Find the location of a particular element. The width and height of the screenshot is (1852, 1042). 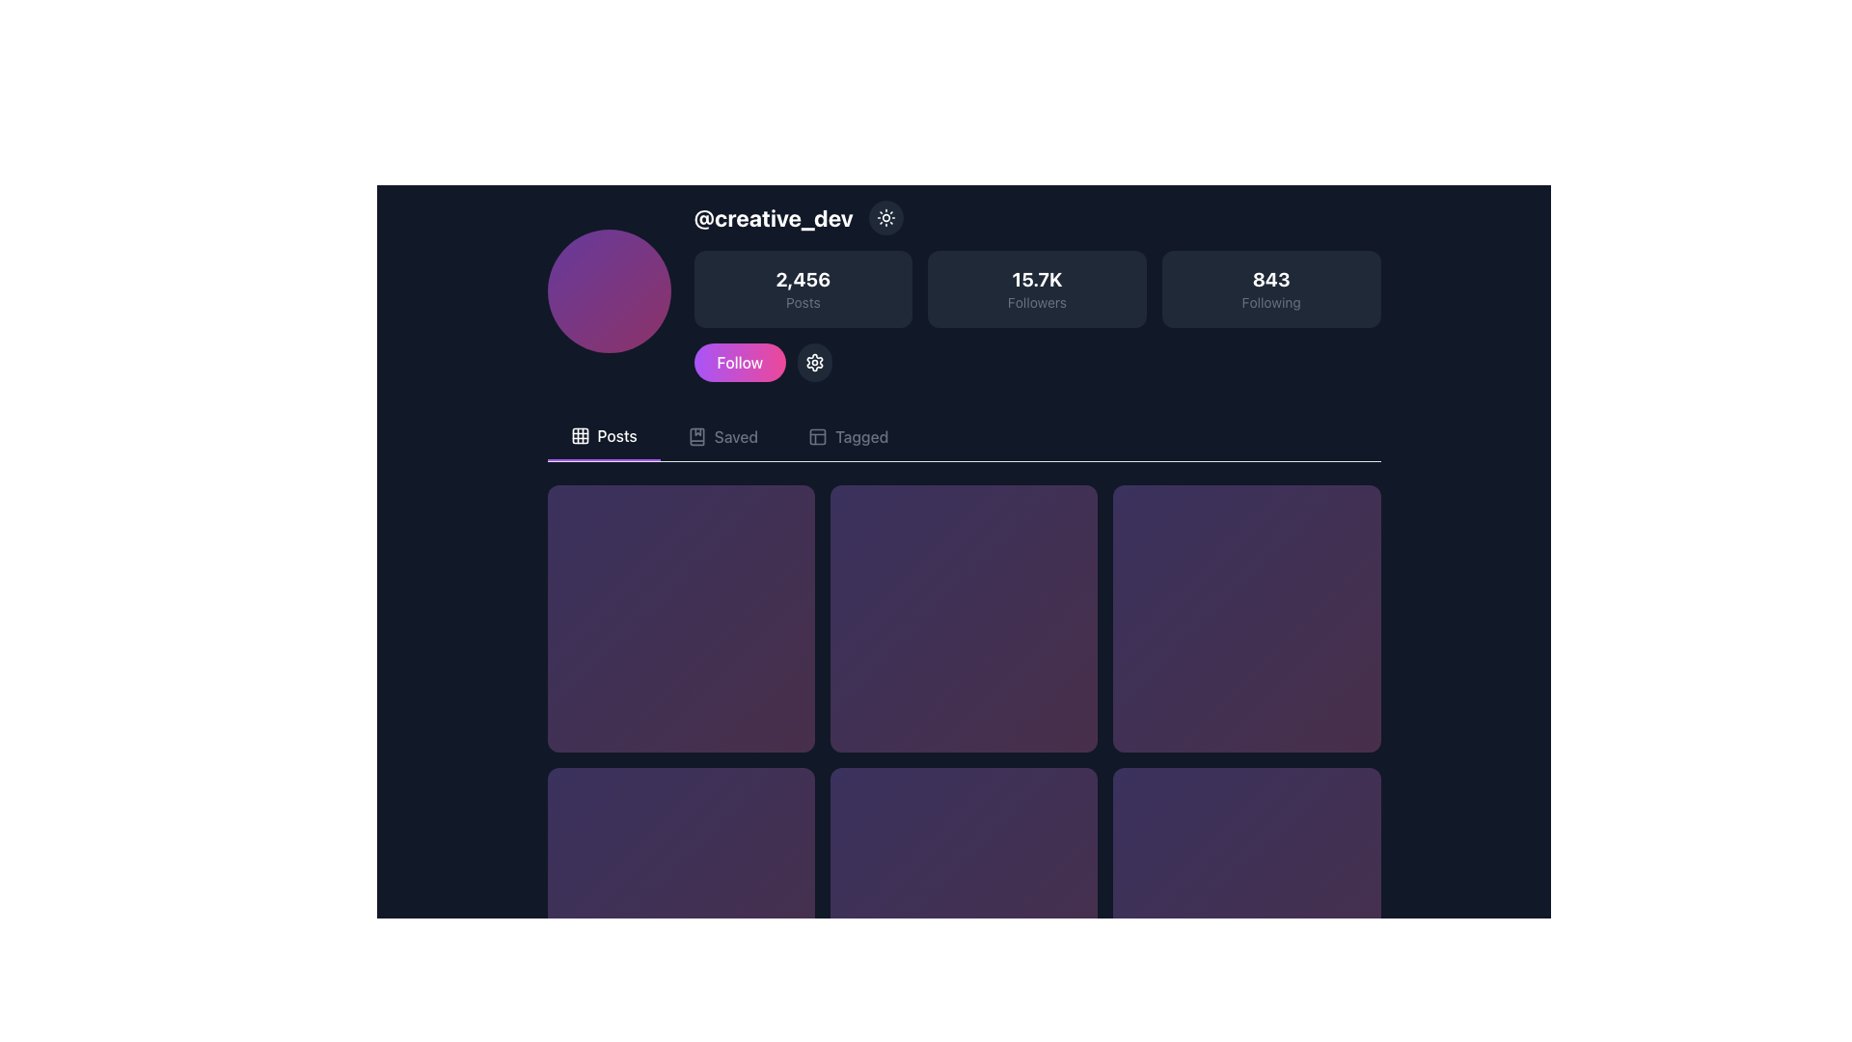

the multimedia card located in the center of the fourth row and second column of the grid is located at coordinates (964, 902).